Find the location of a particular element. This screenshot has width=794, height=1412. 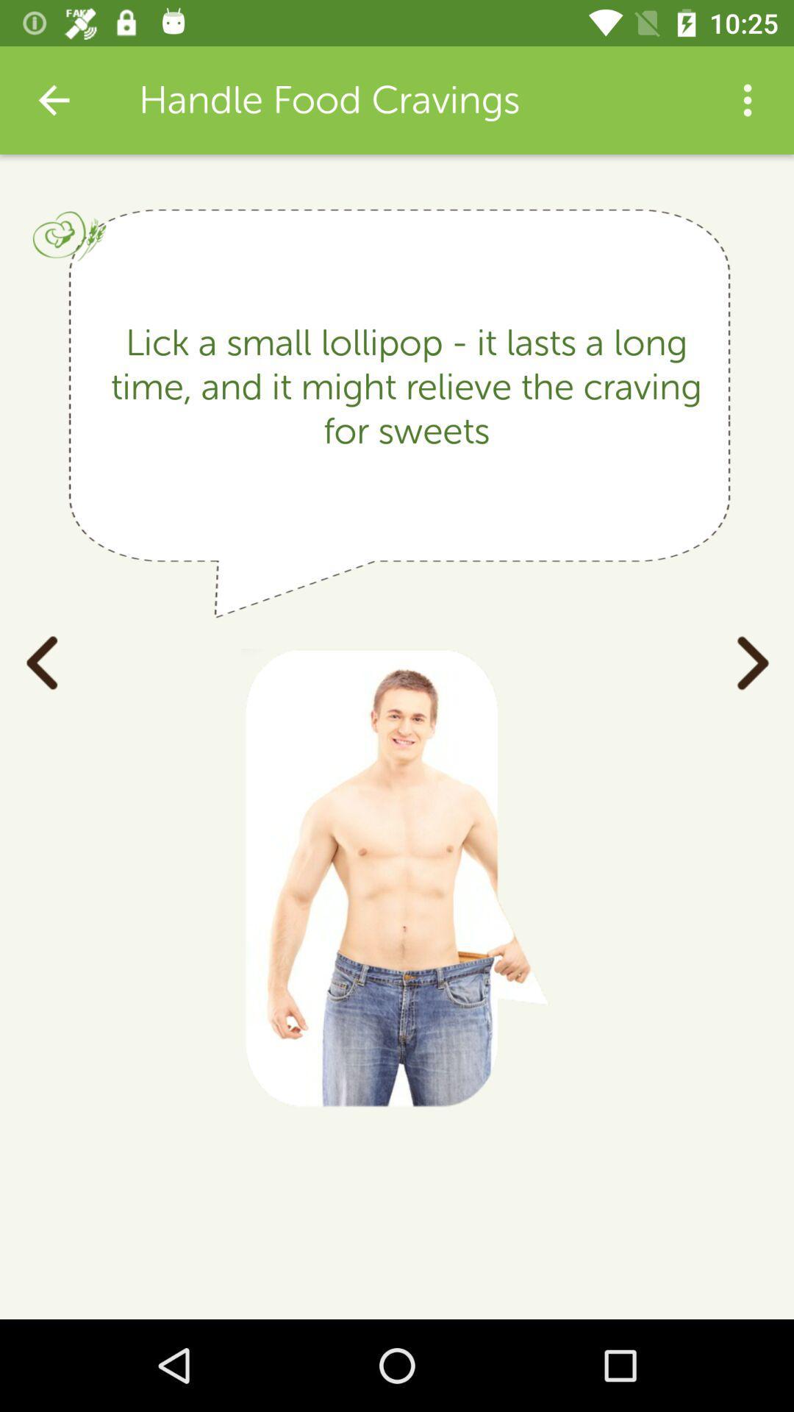

the item at the top right corner is located at coordinates (748, 99).